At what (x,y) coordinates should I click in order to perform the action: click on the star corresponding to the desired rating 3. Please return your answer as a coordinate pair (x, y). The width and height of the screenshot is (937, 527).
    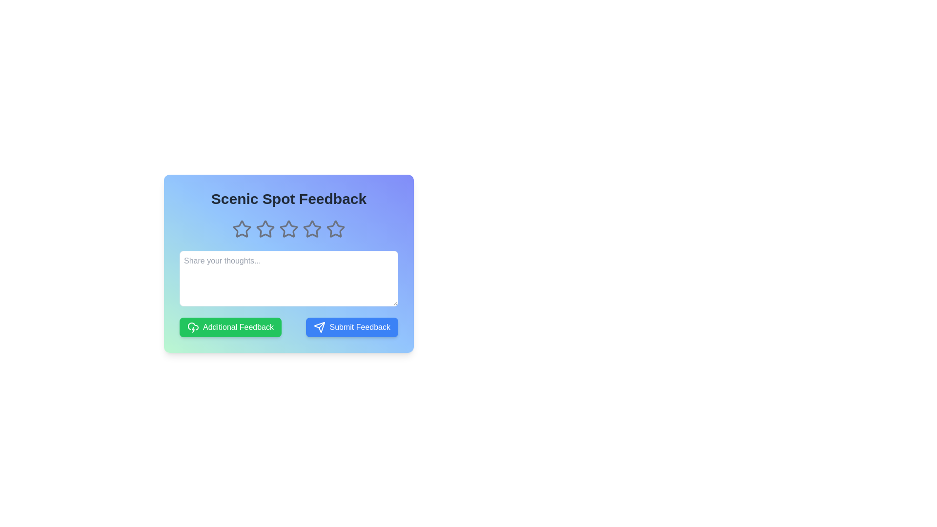
    Looking at the image, I should click on (288, 229).